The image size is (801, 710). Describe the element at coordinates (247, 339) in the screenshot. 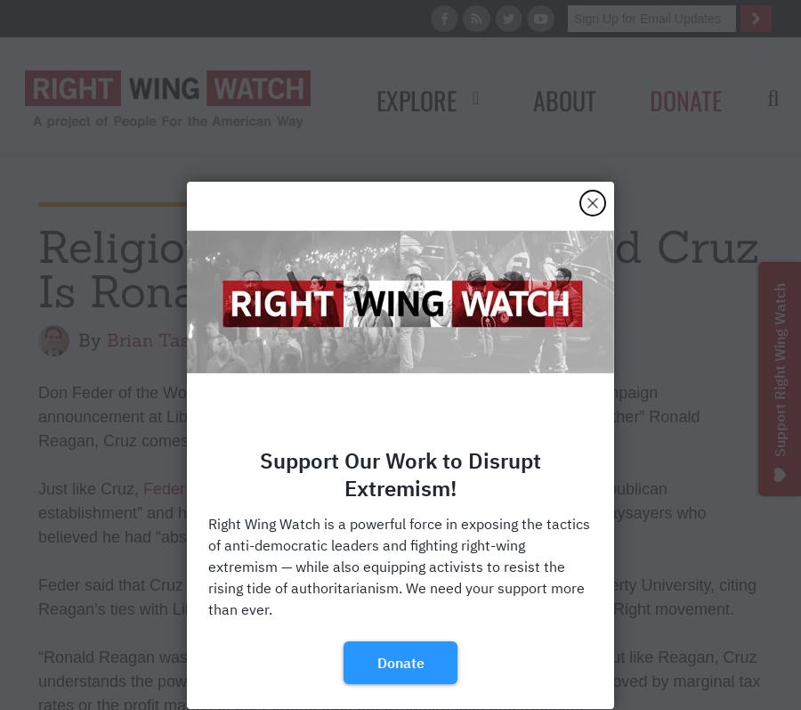

I see `'|'` at that location.